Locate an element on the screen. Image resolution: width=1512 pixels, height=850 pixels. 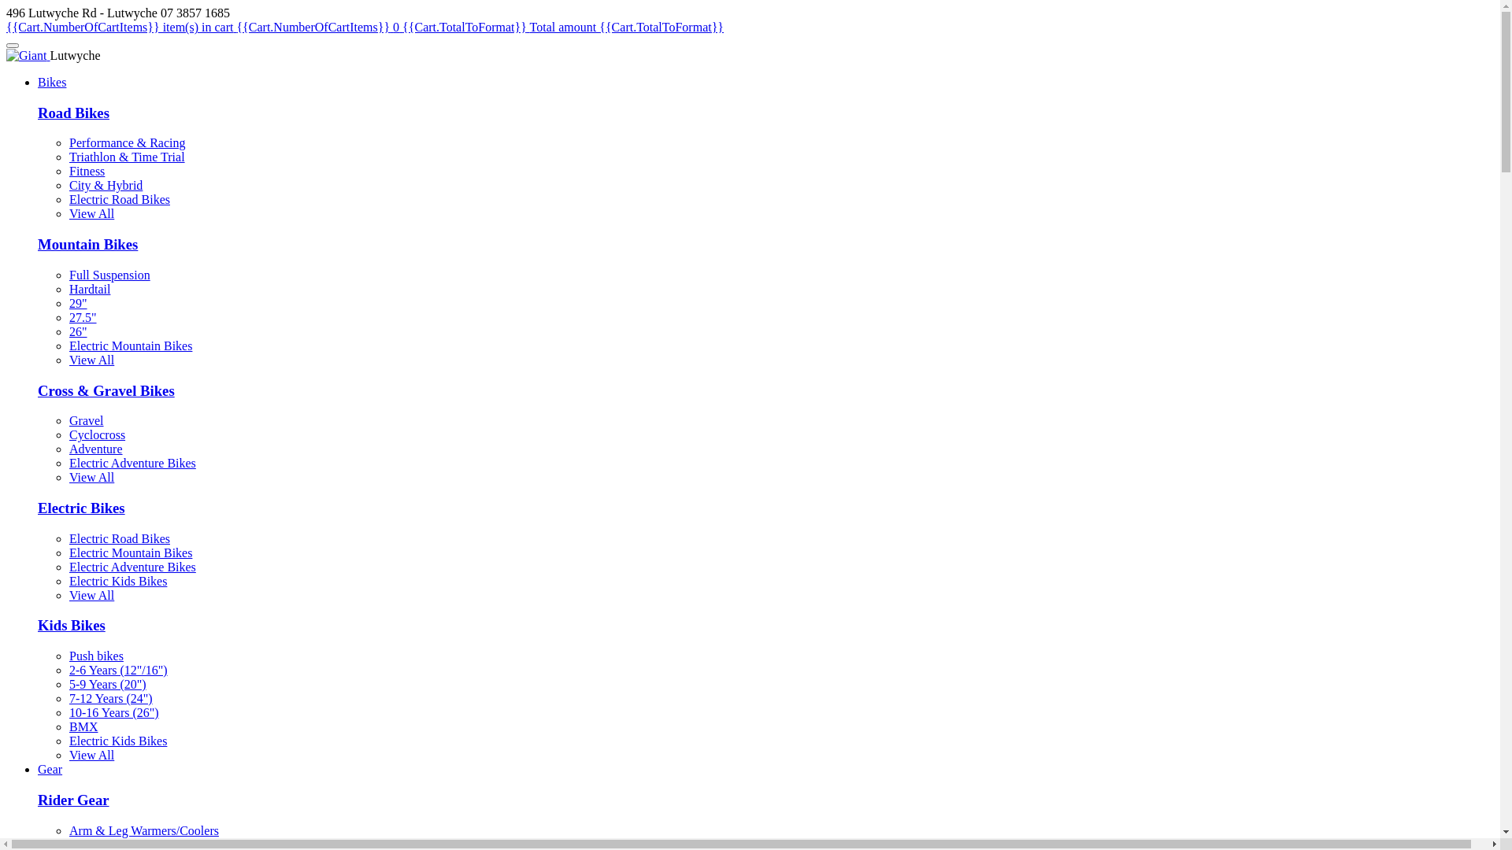
'Fitness' is located at coordinates (86, 171).